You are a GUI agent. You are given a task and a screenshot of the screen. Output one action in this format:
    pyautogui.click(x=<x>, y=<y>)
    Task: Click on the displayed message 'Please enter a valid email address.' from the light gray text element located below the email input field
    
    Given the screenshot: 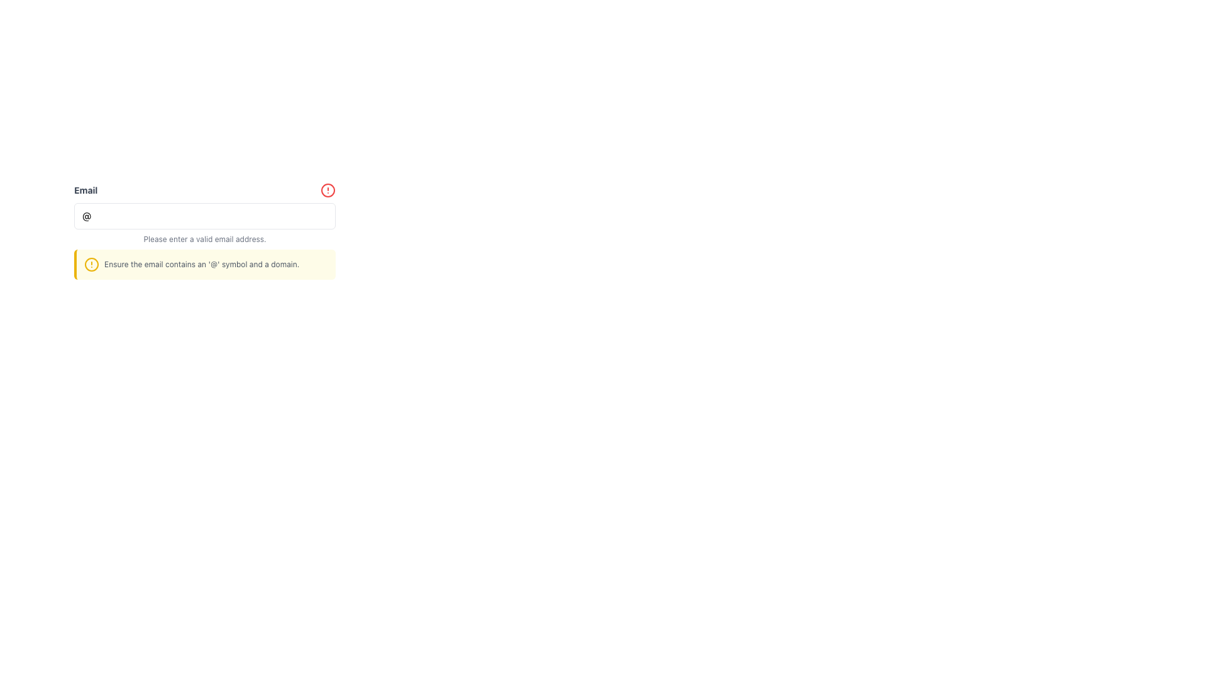 What is the action you would take?
    pyautogui.click(x=205, y=240)
    